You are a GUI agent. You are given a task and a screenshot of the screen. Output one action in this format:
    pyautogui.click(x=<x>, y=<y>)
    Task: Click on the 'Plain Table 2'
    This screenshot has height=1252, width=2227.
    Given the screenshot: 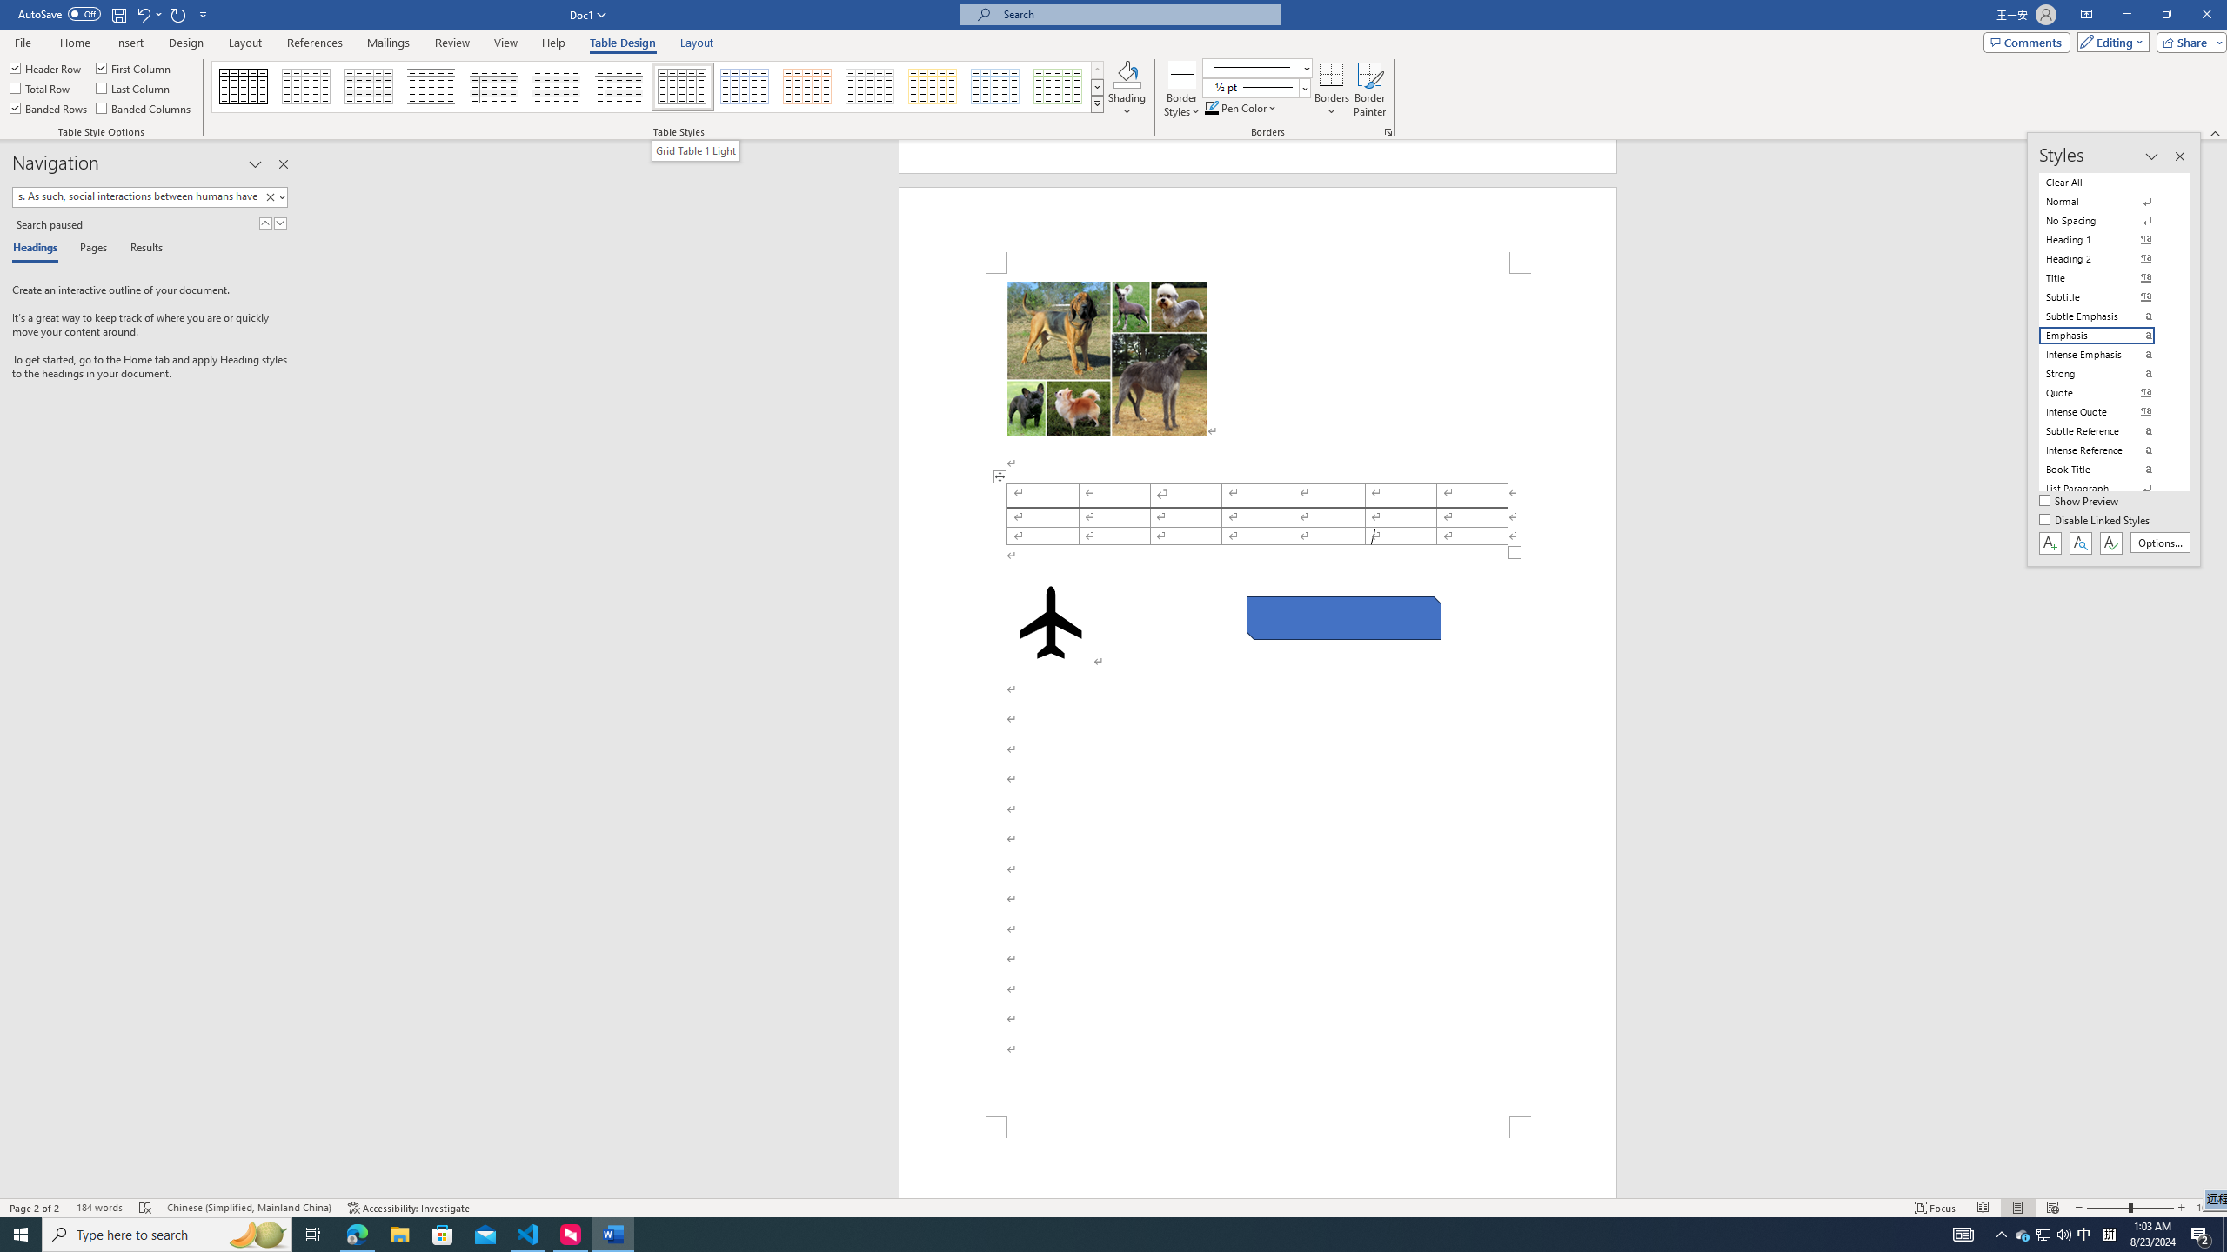 What is the action you would take?
    pyautogui.click(x=431, y=86)
    